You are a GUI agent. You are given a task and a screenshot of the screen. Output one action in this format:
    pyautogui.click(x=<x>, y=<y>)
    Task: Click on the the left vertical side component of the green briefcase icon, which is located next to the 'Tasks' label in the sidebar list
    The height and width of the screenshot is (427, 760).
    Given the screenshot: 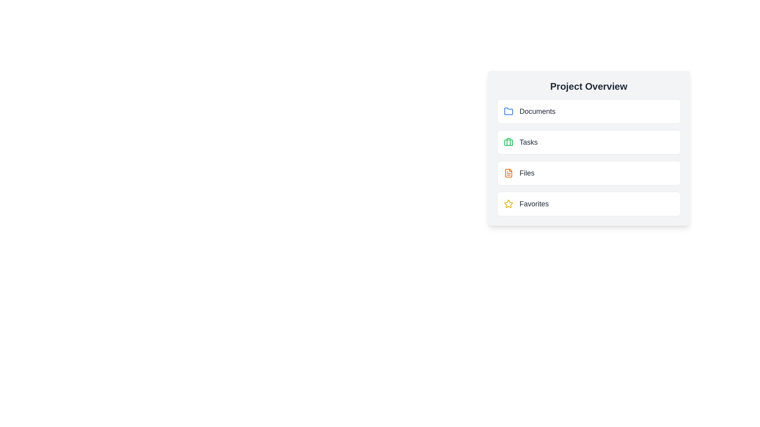 What is the action you would take?
    pyautogui.click(x=508, y=141)
    